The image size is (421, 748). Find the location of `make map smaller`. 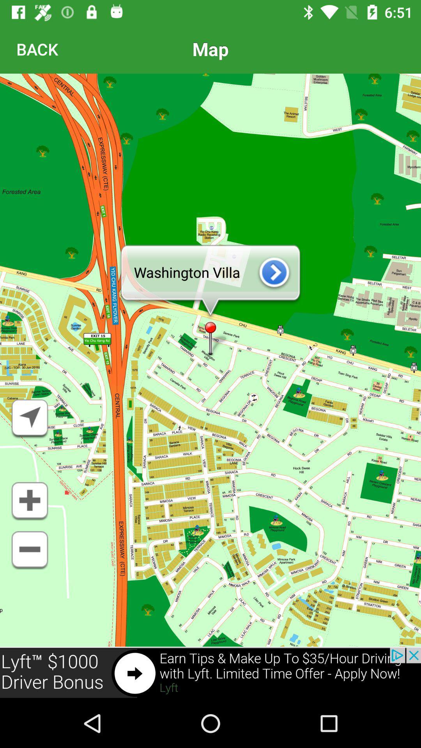

make map smaller is located at coordinates (29, 550).